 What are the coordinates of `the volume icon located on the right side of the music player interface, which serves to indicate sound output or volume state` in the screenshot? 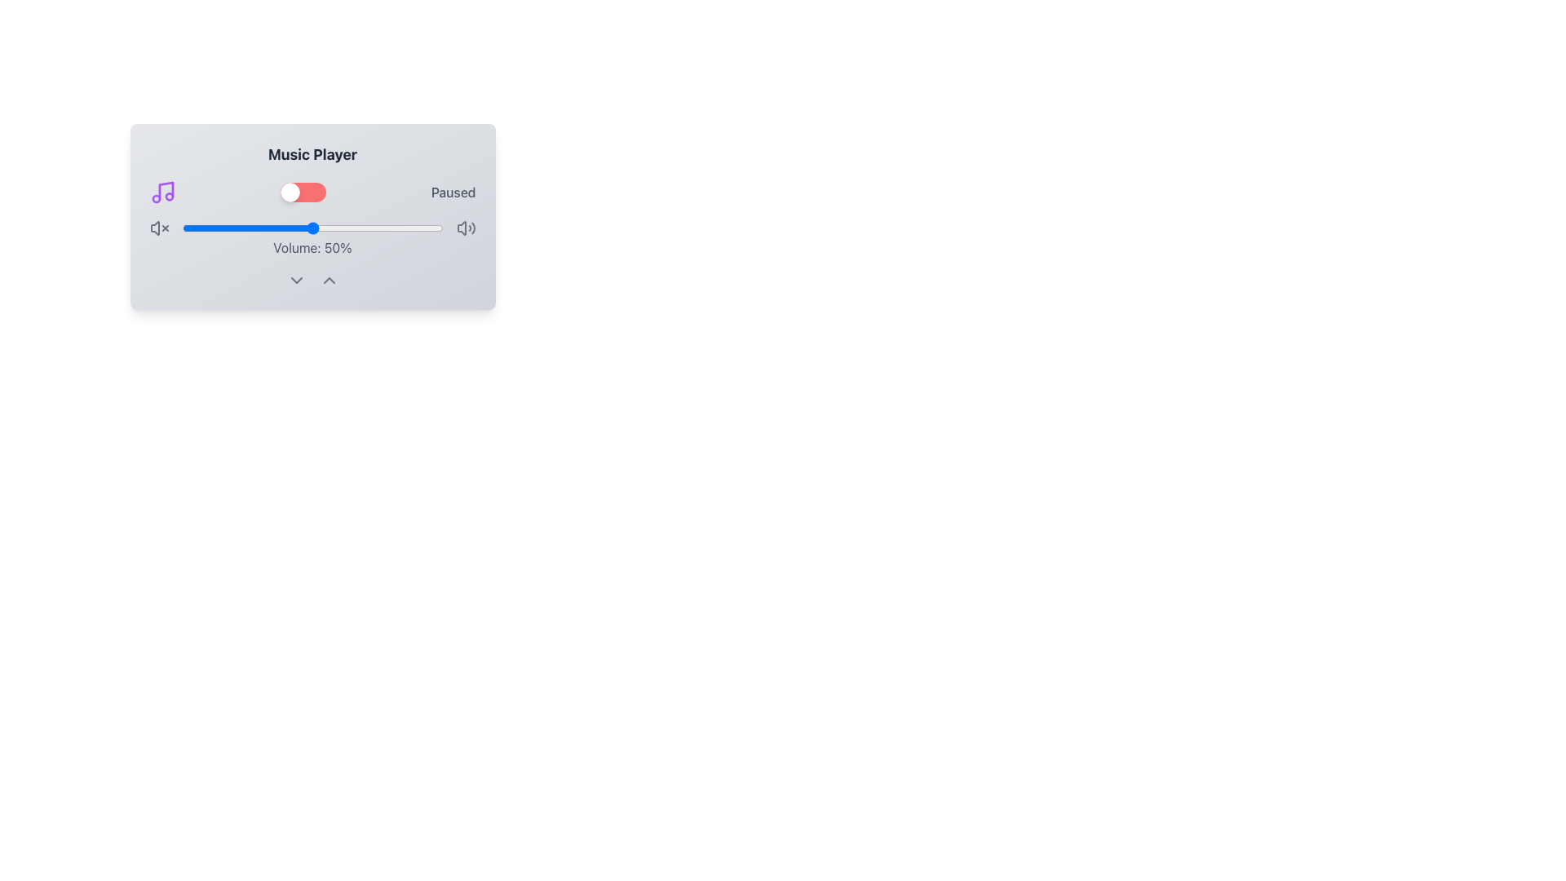 It's located at (461, 228).